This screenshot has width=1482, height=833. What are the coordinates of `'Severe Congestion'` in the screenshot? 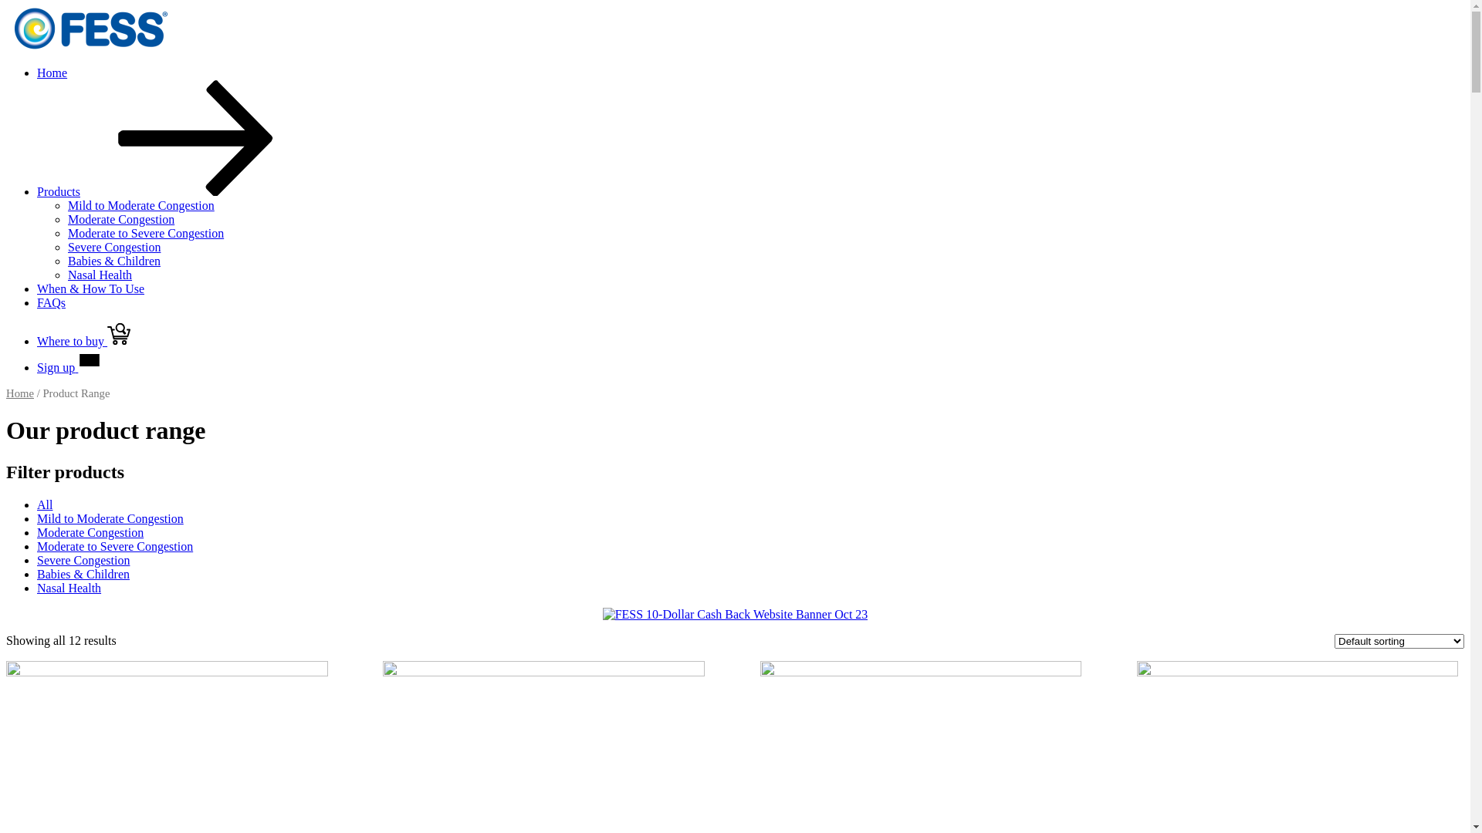 It's located at (113, 246).